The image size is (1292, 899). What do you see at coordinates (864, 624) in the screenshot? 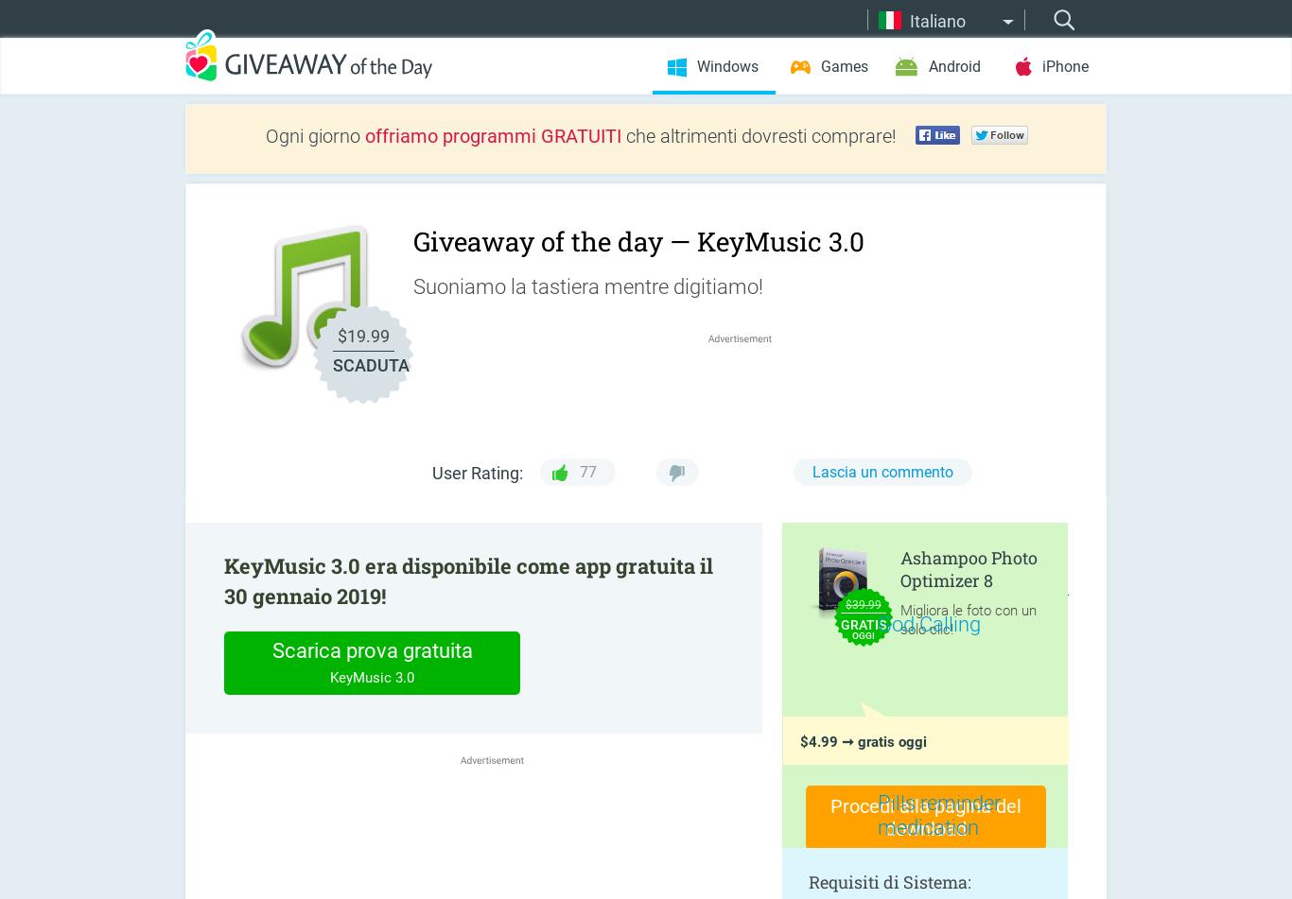
I see `'gratis'` at bounding box center [864, 624].